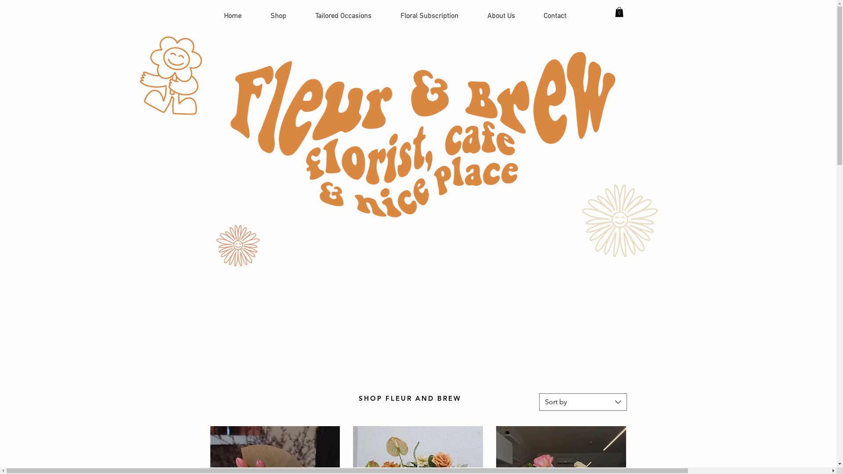  Describe the element at coordinates (555, 16) in the screenshot. I see `'Contact'` at that location.